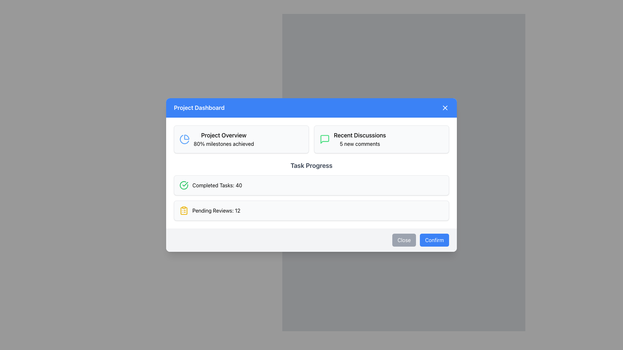 This screenshot has height=350, width=623. Describe the element at coordinates (360, 143) in the screenshot. I see `the static text displaying '5 new comments' located below the 'Recent Discussions' label in the top-right section of the dialog` at that location.